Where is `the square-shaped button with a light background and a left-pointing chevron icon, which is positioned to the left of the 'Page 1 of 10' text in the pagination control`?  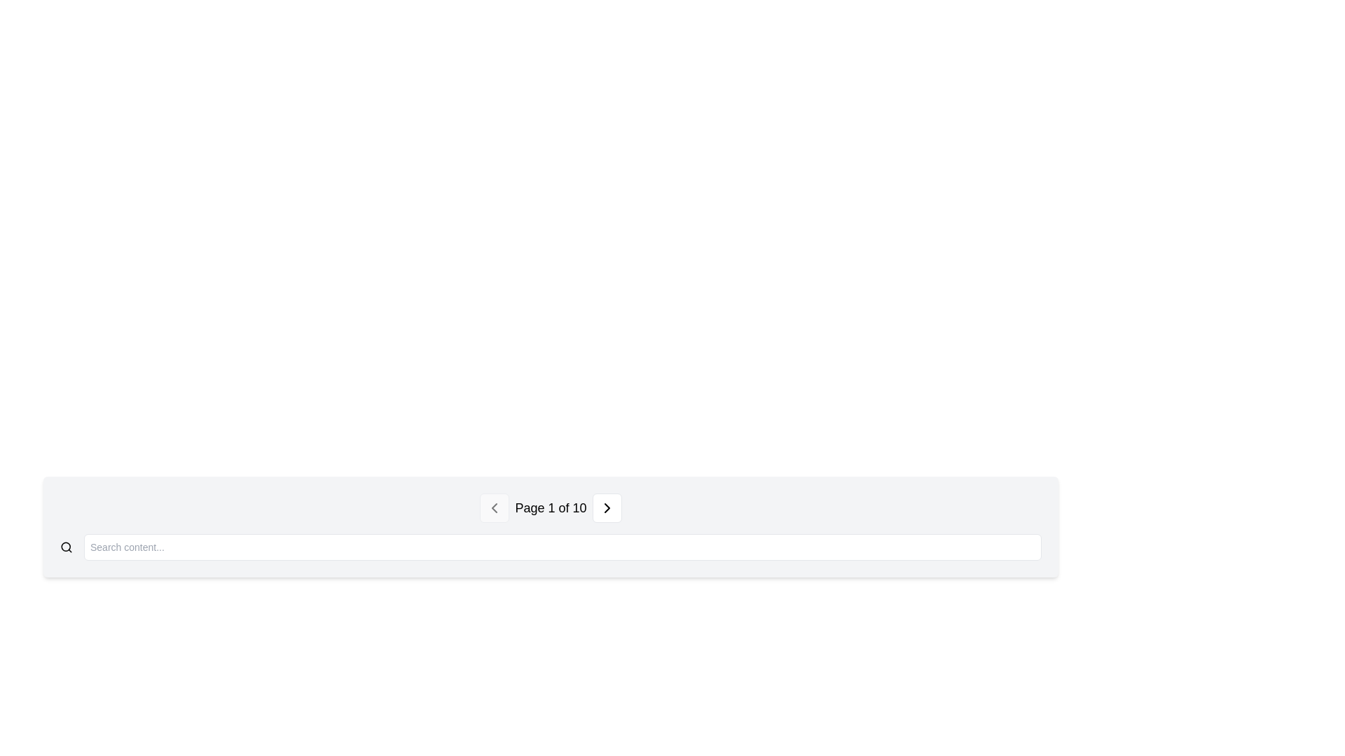 the square-shaped button with a light background and a left-pointing chevron icon, which is positioned to the left of the 'Page 1 of 10' text in the pagination control is located at coordinates (495, 507).